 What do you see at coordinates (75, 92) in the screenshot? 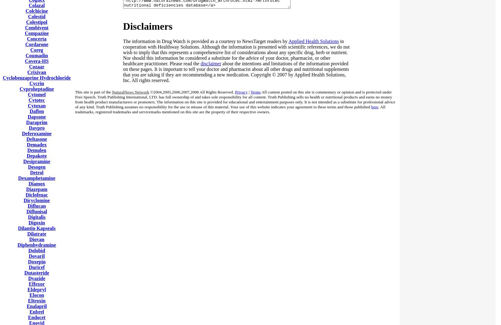
I see `'This site is part of the'` at bounding box center [75, 92].